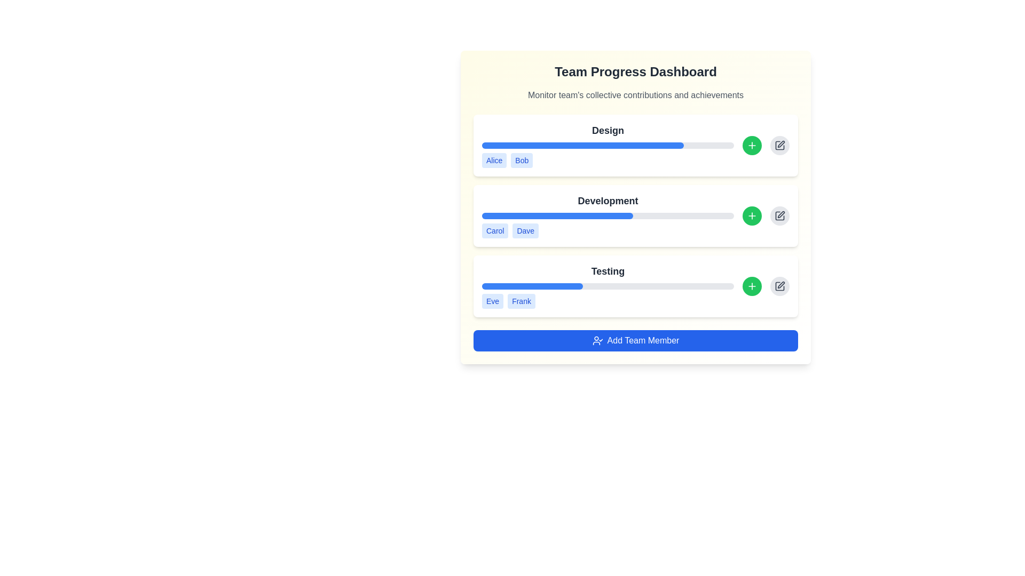 The height and width of the screenshot is (576, 1025). I want to click on the blue rectangular badge with rounded edges displaying the text 'Bob', so click(522, 160).